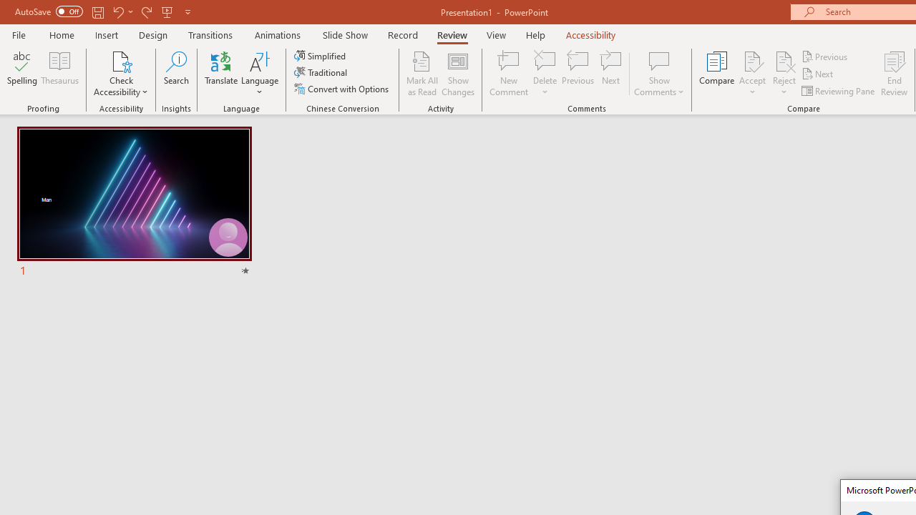 The width and height of the screenshot is (916, 515). What do you see at coordinates (220, 74) in the screenshot?
I see `'Translate'` at bounding box center [220, 74].